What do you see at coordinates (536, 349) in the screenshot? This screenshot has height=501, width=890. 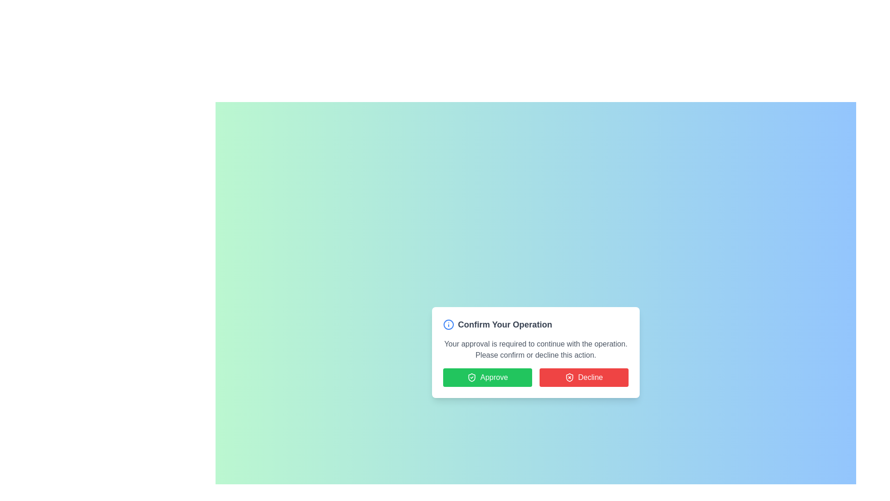 I see `the informational text that explains the requirement for approval to proceed with an operation, located in the central part of the modal box under the title 'Confirm Your Operation'` at bounding box center [536, 349].